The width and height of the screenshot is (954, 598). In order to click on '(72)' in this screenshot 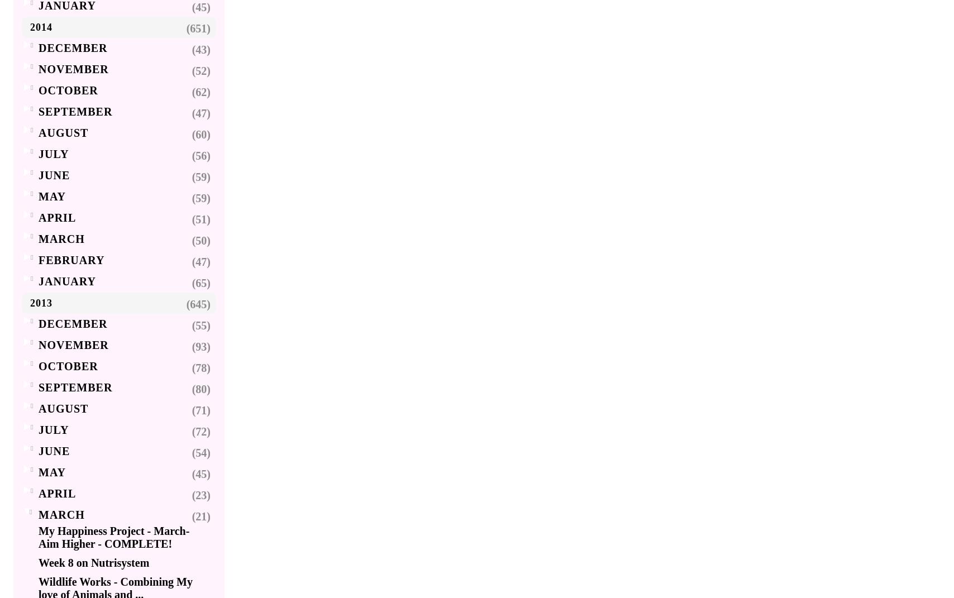, I will do `click(201, 431)`.